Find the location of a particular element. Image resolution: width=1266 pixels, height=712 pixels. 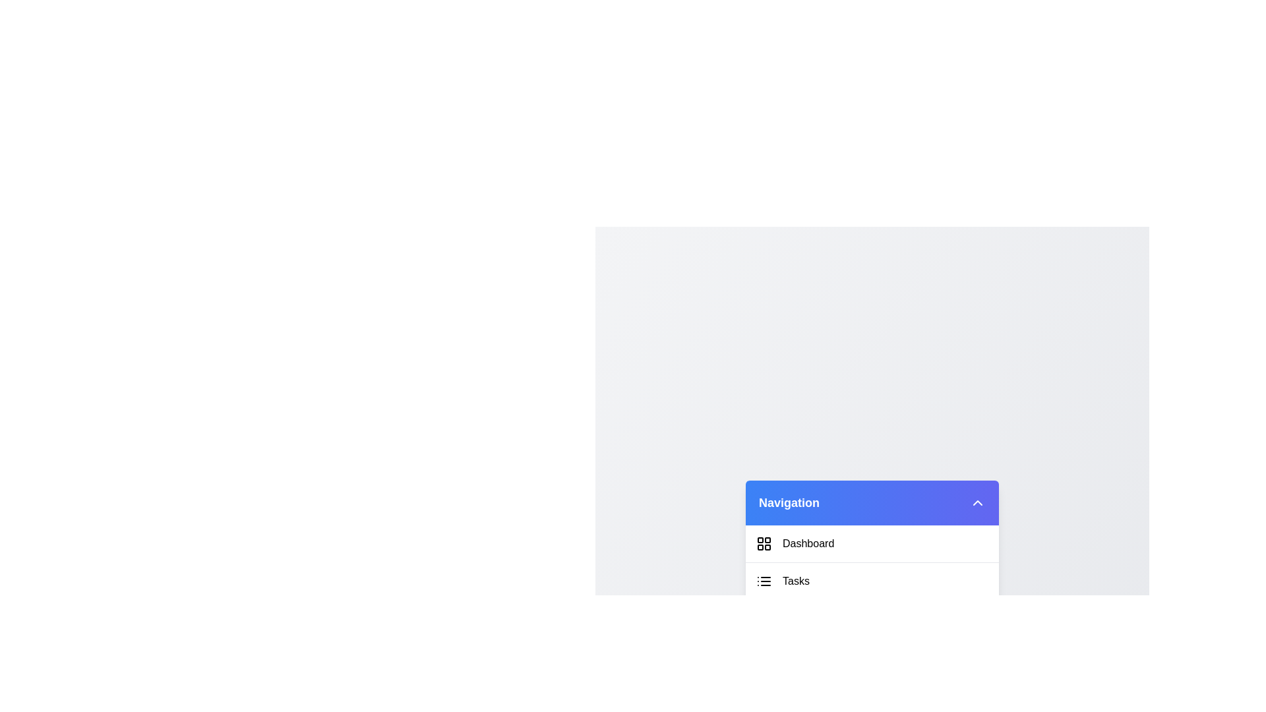

the menu item labeled Dashboard is located at coordinates (791, 526).